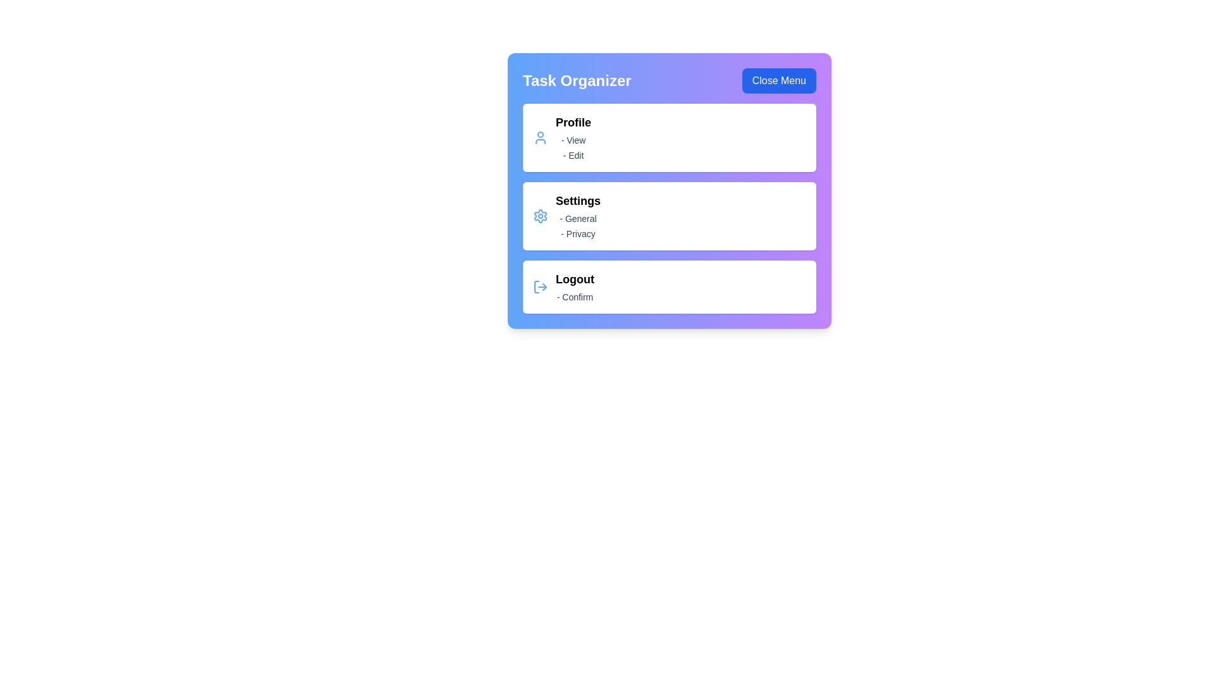 This screenshot has height=683, width=1214. What do you see at coordinates (669, 216) in the screenshot?
I see `the menu item 'Settings' to observe hover effects` at bounding box center [669, 216].